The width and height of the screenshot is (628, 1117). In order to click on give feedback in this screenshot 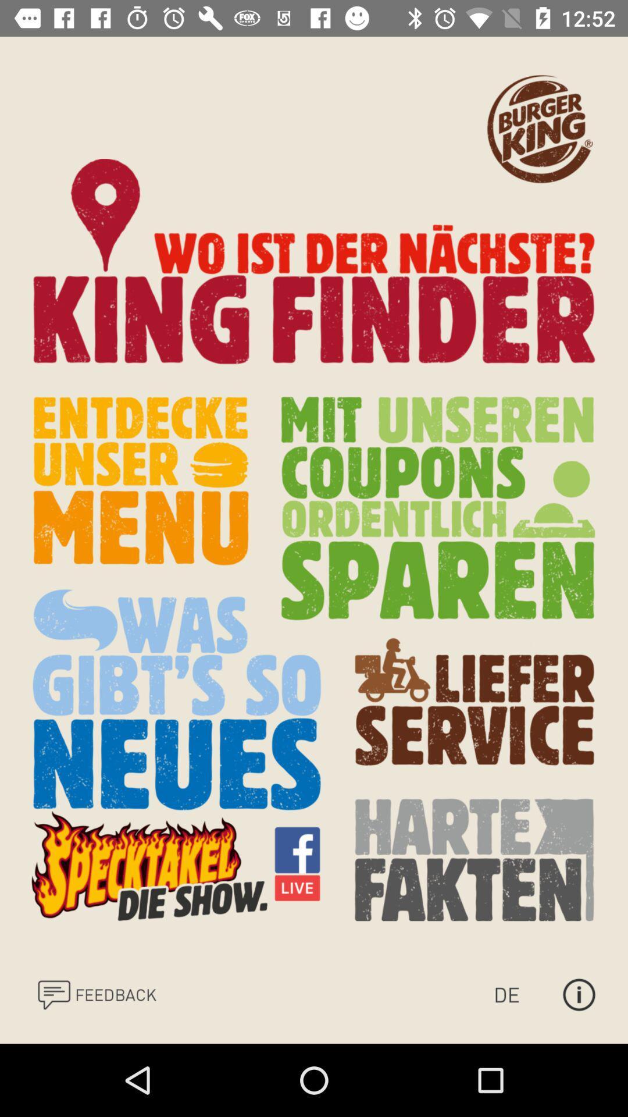, I will do `click(96, 994)`.